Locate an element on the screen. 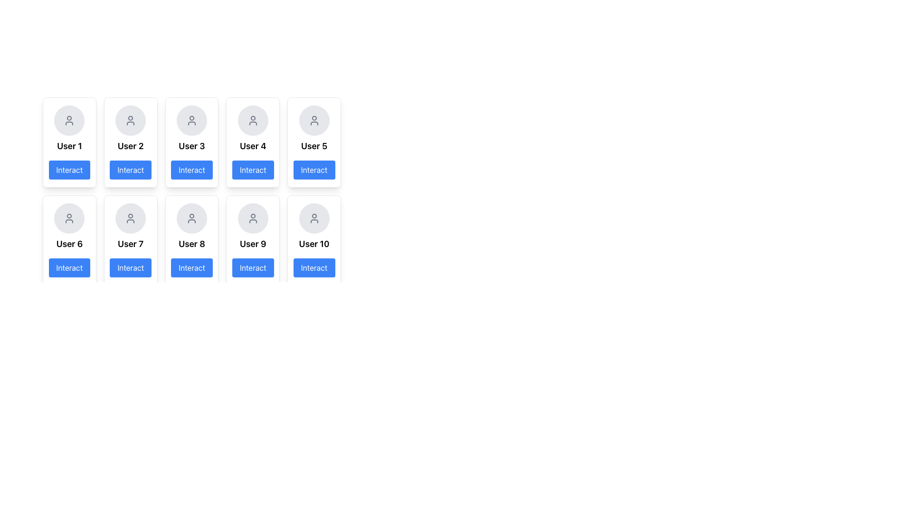 Image resolution: width=912 pixels, height=513 pixels. text label displaying 'User 7', which is bold and large, located in the second row of a grid layout, directly below the 'User 2' card is located at coordinates (130, 243).